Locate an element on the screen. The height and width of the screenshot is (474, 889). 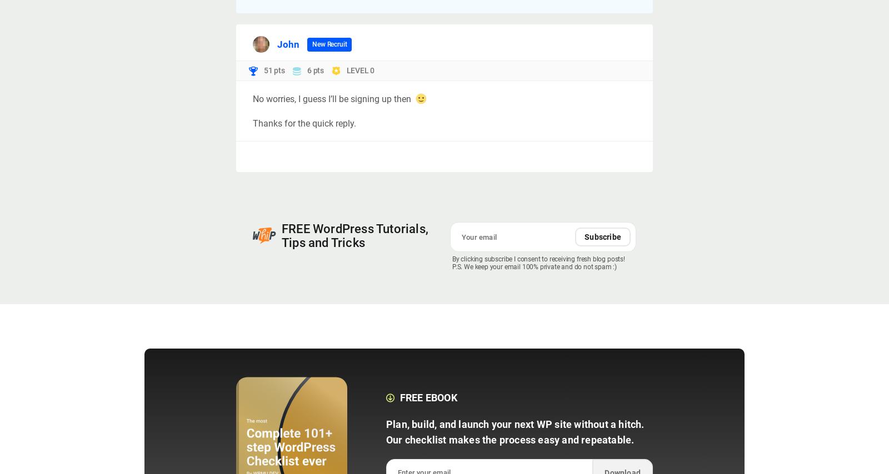
'Subscribe' is located at coordinates (602, 237).